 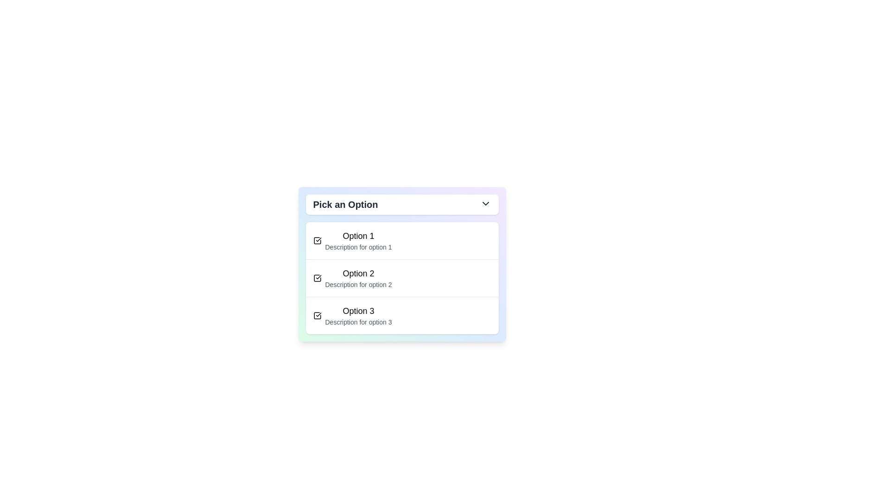 I want to click on the option 3 from the dropdown menu, so click(x=358, y=315).